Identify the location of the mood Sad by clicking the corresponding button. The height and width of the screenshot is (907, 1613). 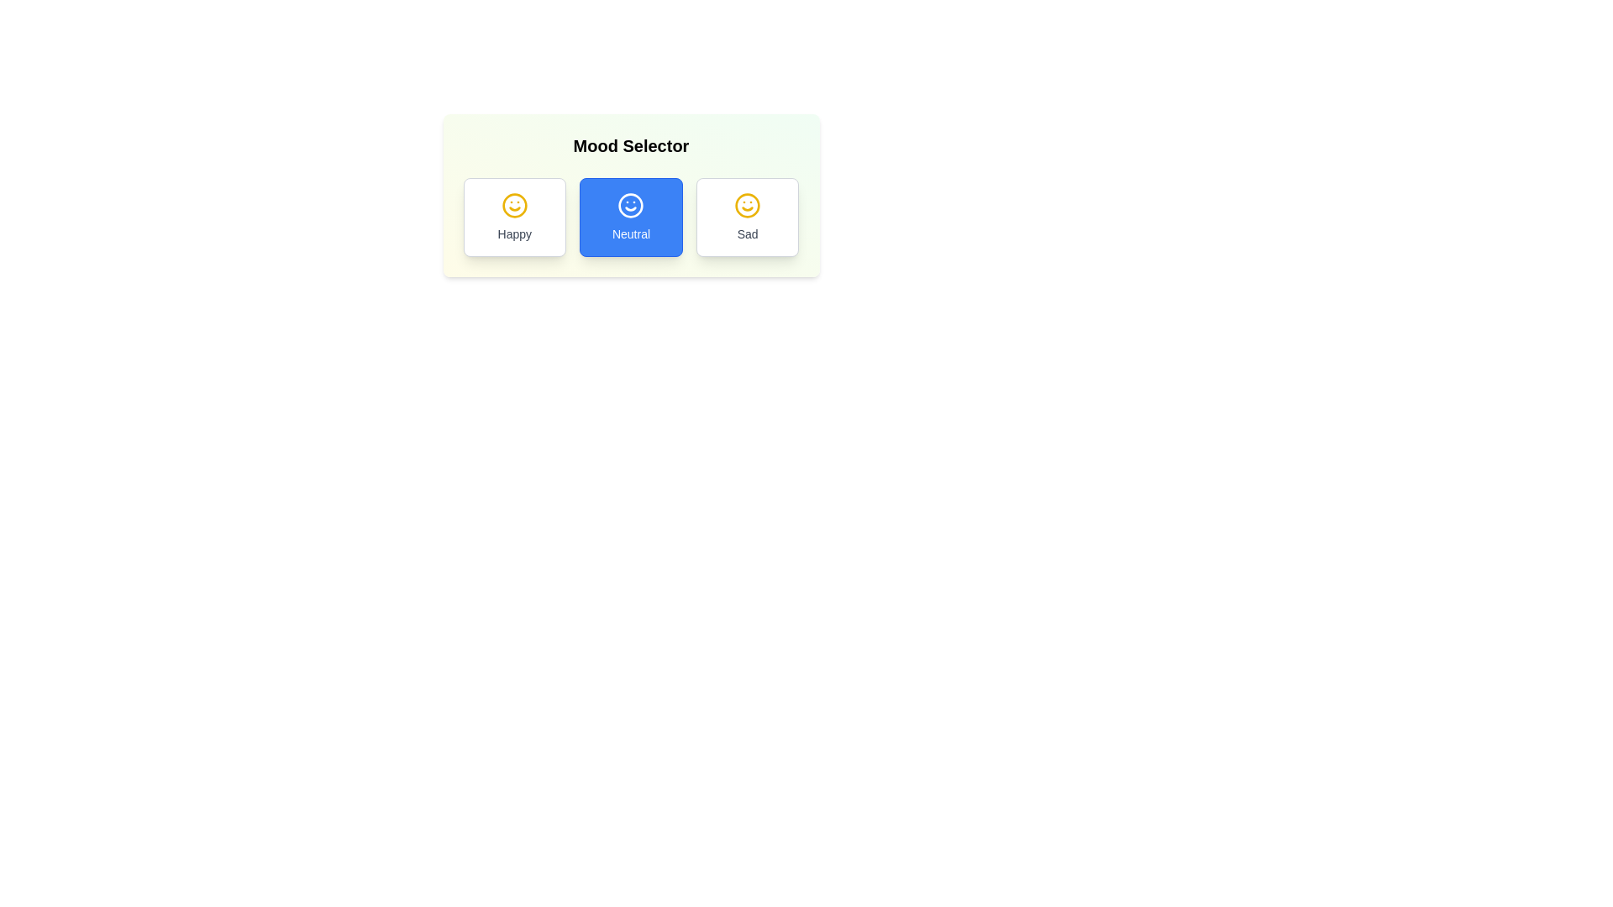
(747, 216).